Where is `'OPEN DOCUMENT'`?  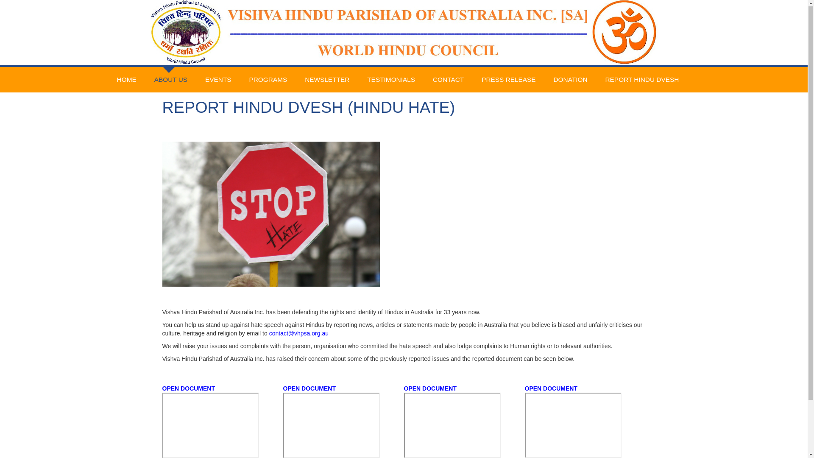
'OPEN DOCUMENT' is located at coordinates (283, 389).